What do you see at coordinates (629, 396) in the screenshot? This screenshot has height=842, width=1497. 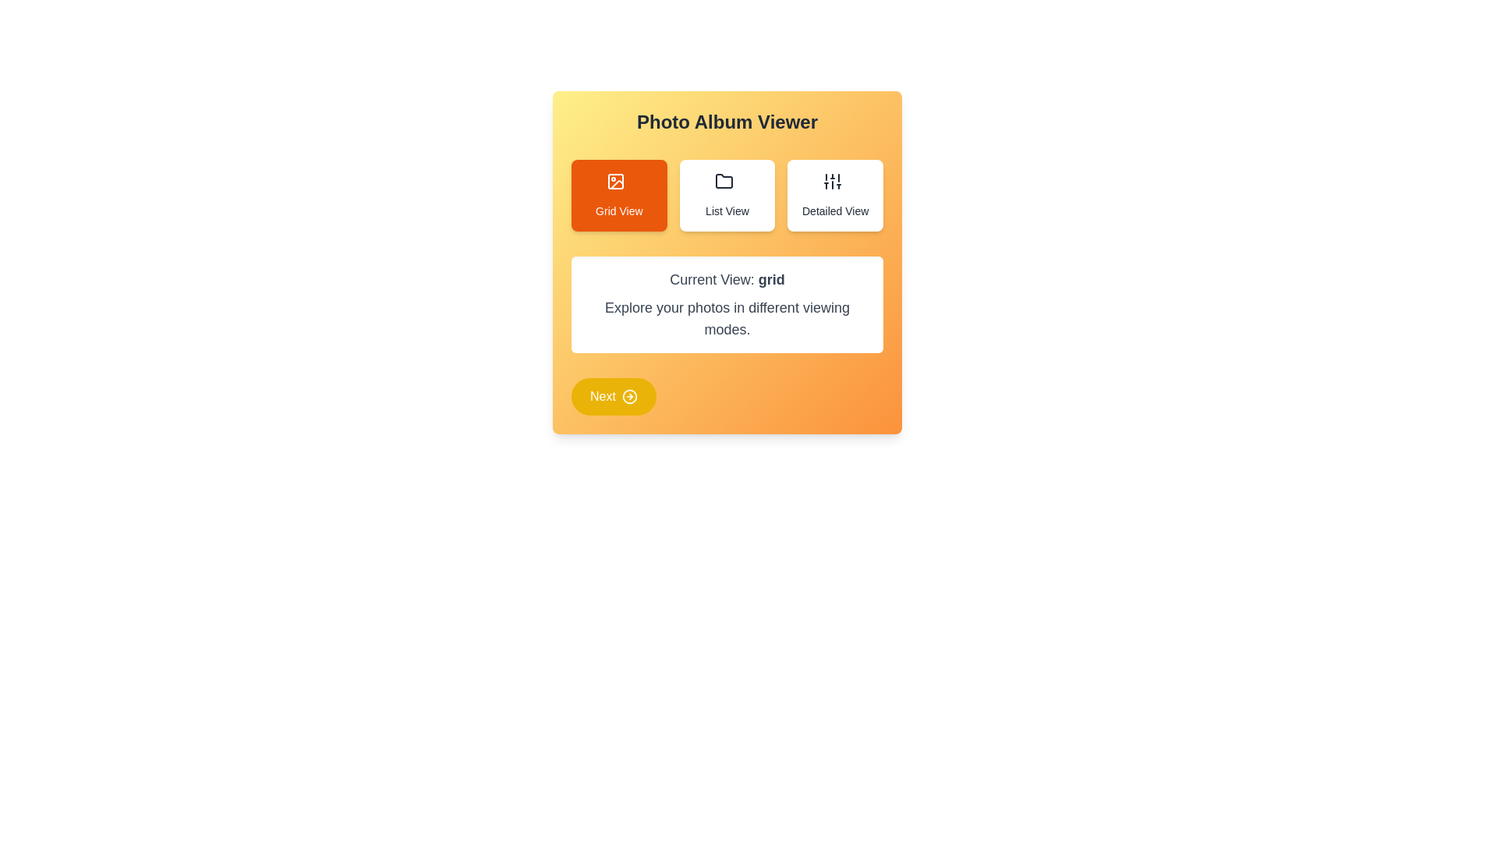 I see `the yellow circular decorative element with a white border located inside the 'Next' button in the Photo Album Viewer interface` at bounding box center [629, 396].